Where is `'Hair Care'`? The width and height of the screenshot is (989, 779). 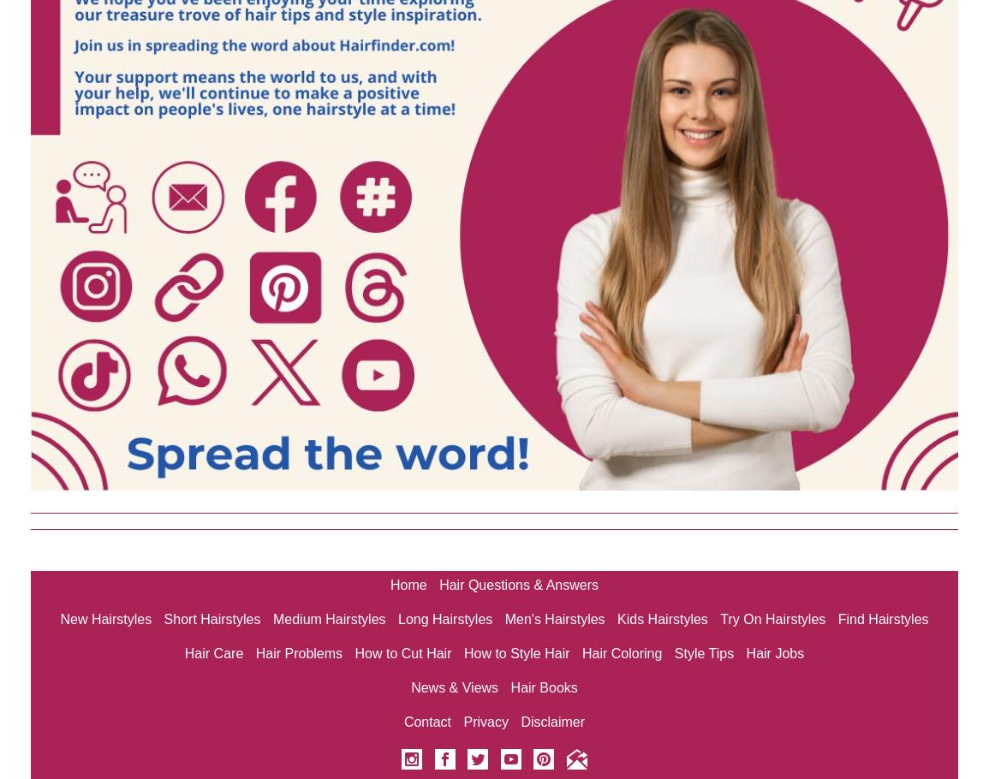 'Hair Care' is located at coordinates (213, 653).